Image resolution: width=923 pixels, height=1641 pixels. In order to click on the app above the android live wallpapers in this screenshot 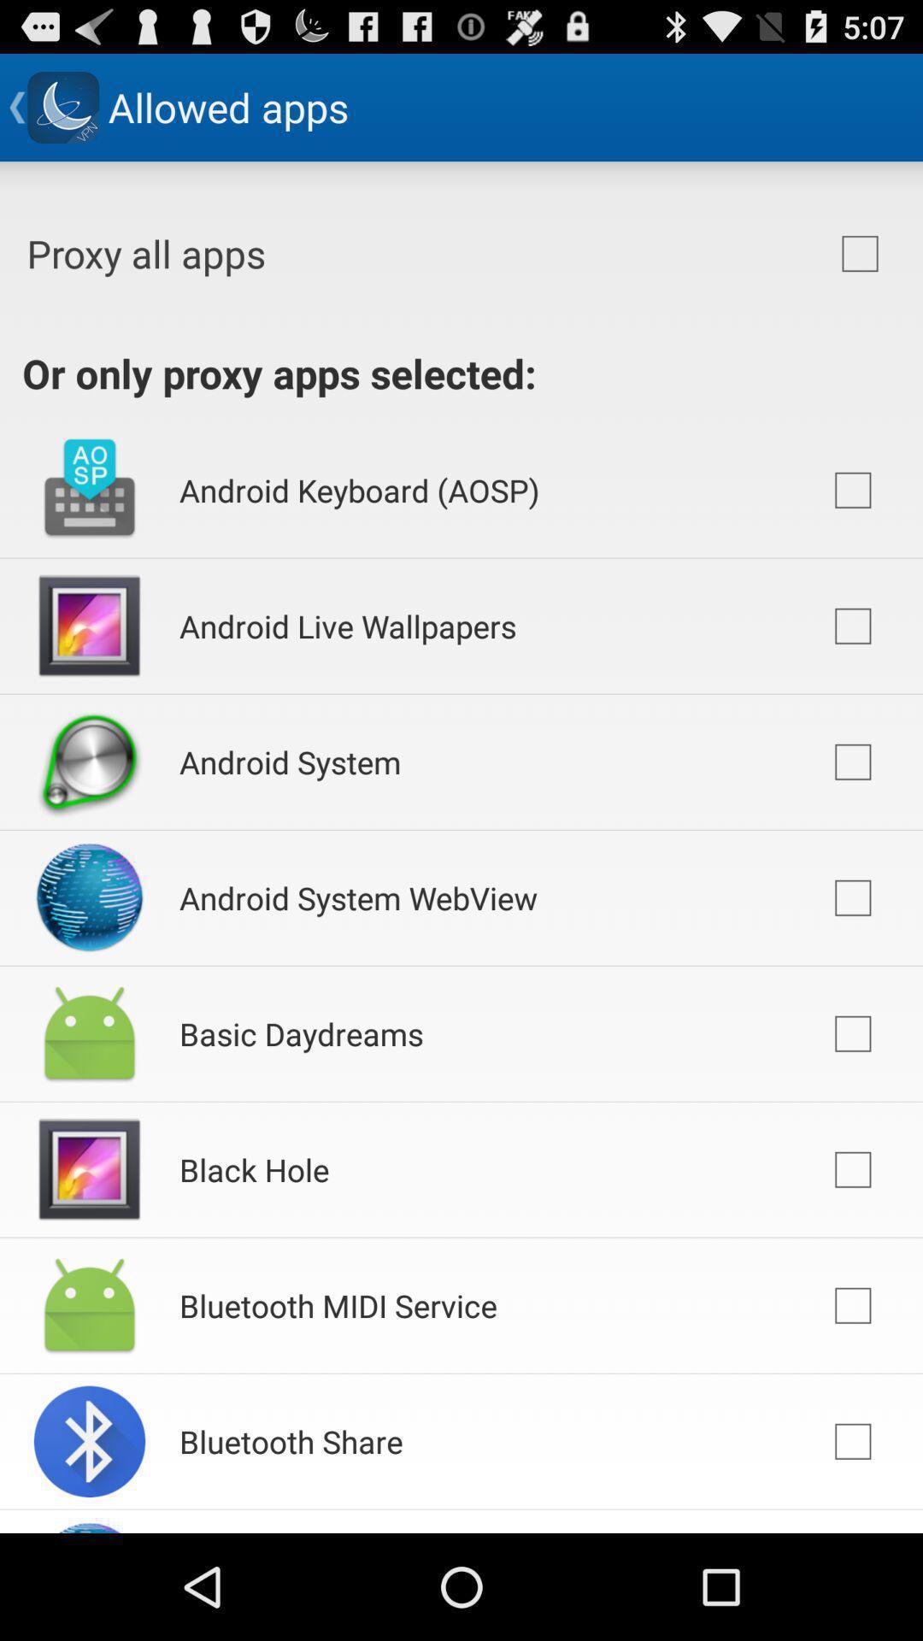, I will do `click(358, 489)`.